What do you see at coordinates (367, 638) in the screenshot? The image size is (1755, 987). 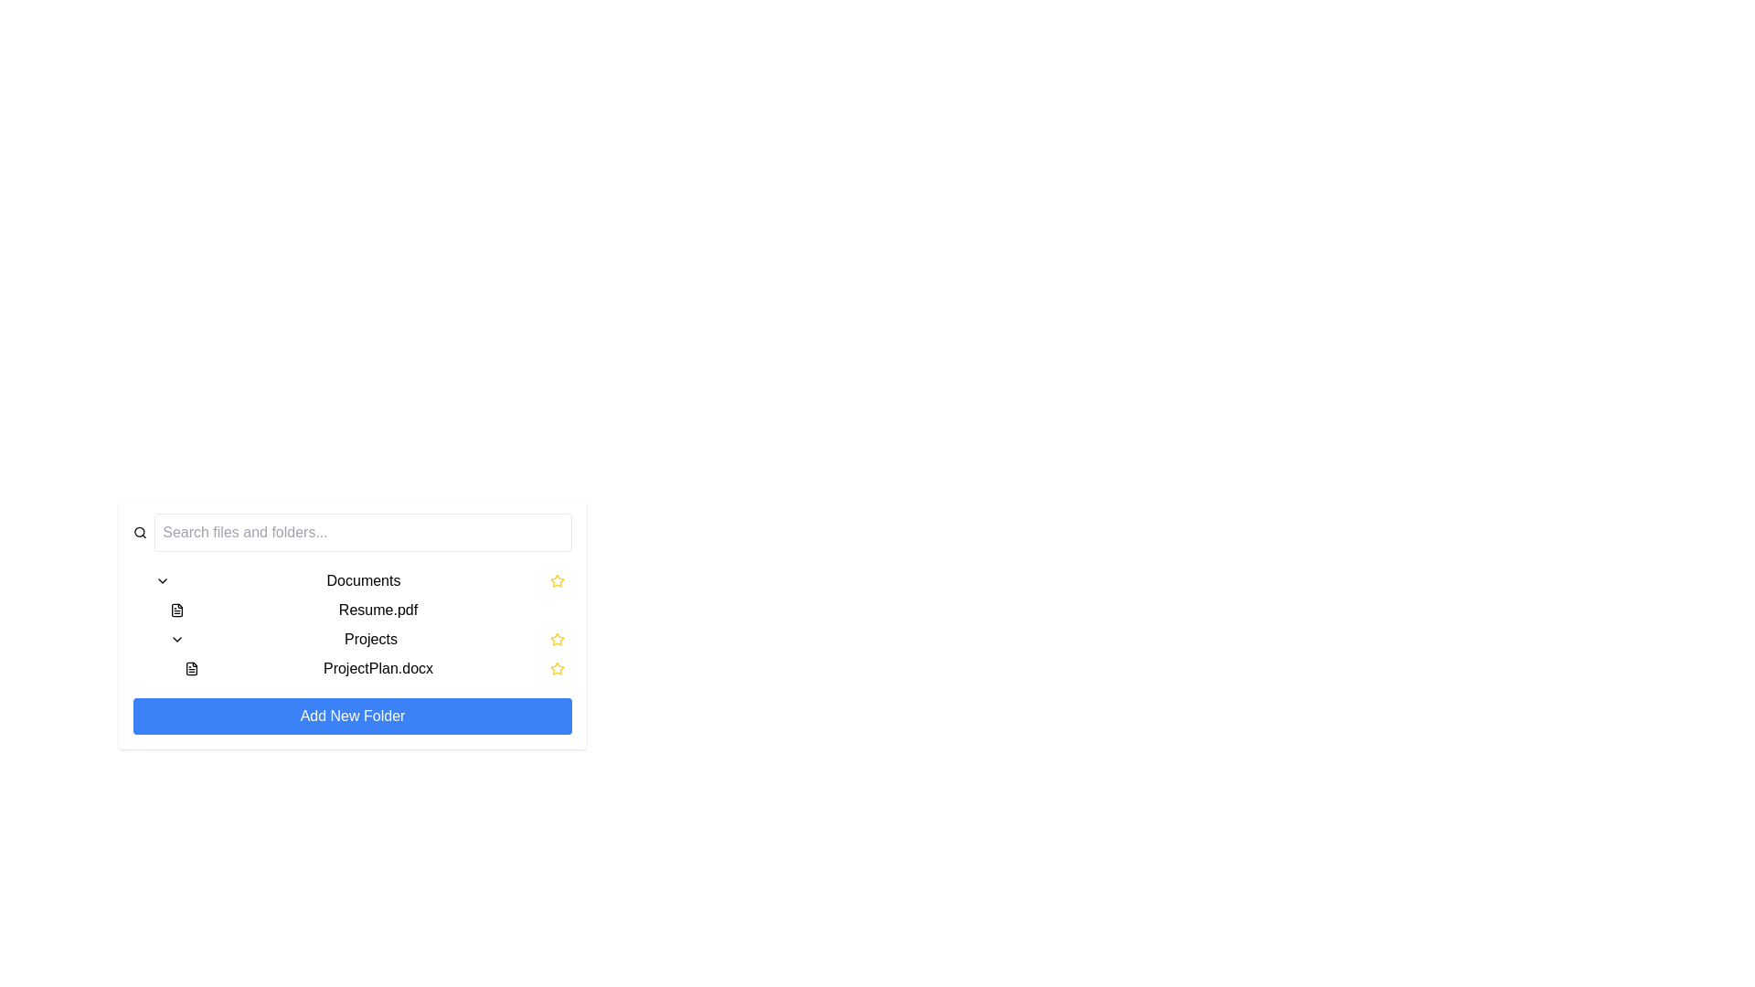 I see `the 'Projects' dropdown folder toggle, which is visually distinct with a rounded border, a downward arrow icon to the left, and a star icon to the right, located as the second item in the document list` at bounding box center [367, 638].